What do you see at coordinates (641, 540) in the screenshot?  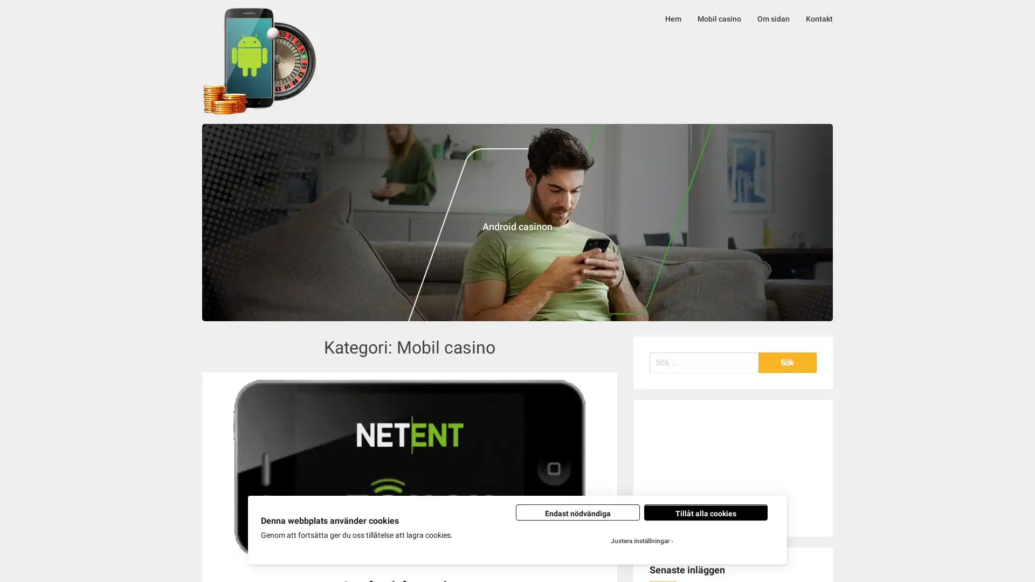 I see `Justera installningar` at bounding box center [641, 540].